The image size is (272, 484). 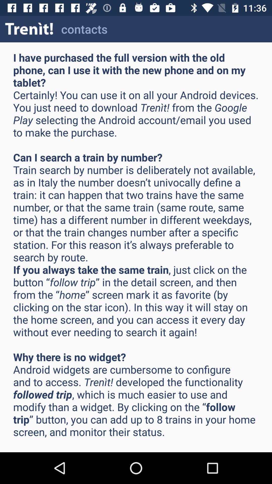 What do you see at coordinates (29, 29) in the screenshot?
I see `icon above f a q` at bounding box center [29, 29].